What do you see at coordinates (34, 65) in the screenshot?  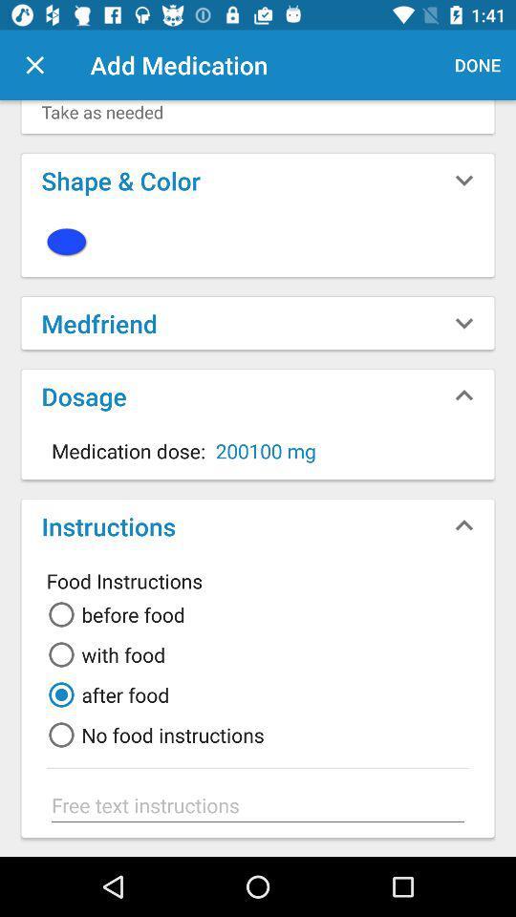 I see `screen` at bounding box center [34, 65].